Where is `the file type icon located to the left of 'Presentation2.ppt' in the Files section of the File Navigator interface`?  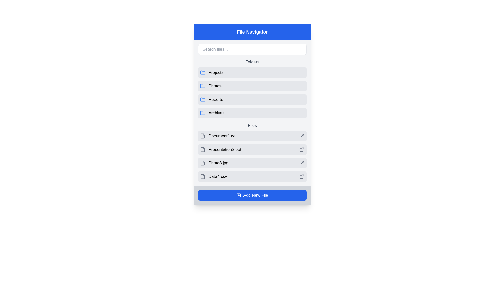
the file type icon located to the left of 'Presentation2.ppt' in the Files section of the File Navigator interface is located at coordinates (202, 149).